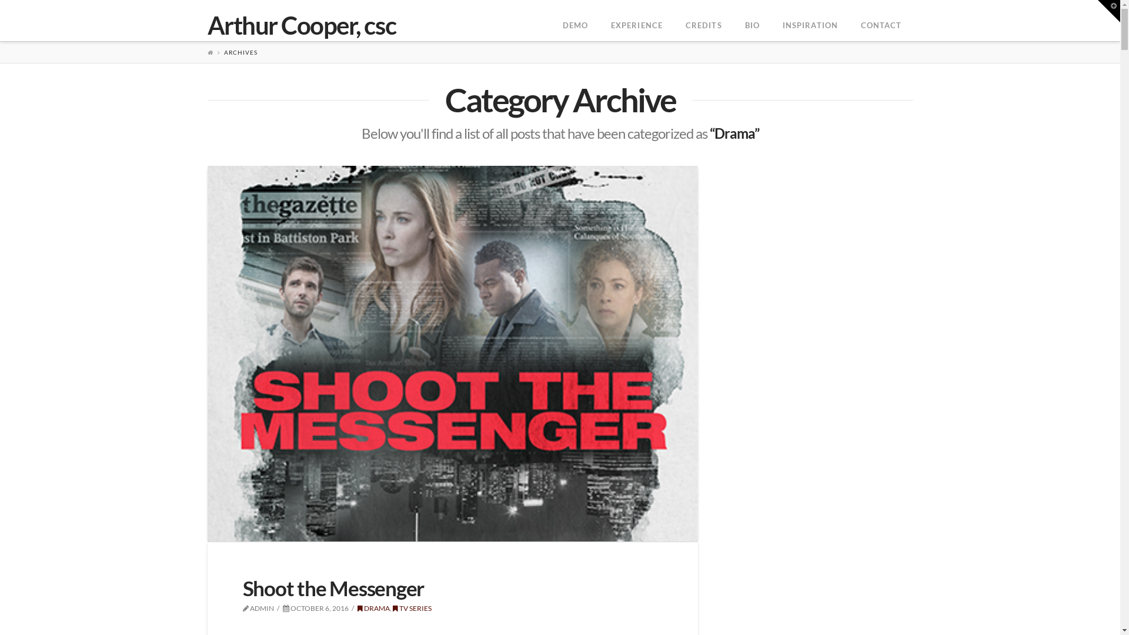  I want to click on 'TV SERIES', so click(392, 608).